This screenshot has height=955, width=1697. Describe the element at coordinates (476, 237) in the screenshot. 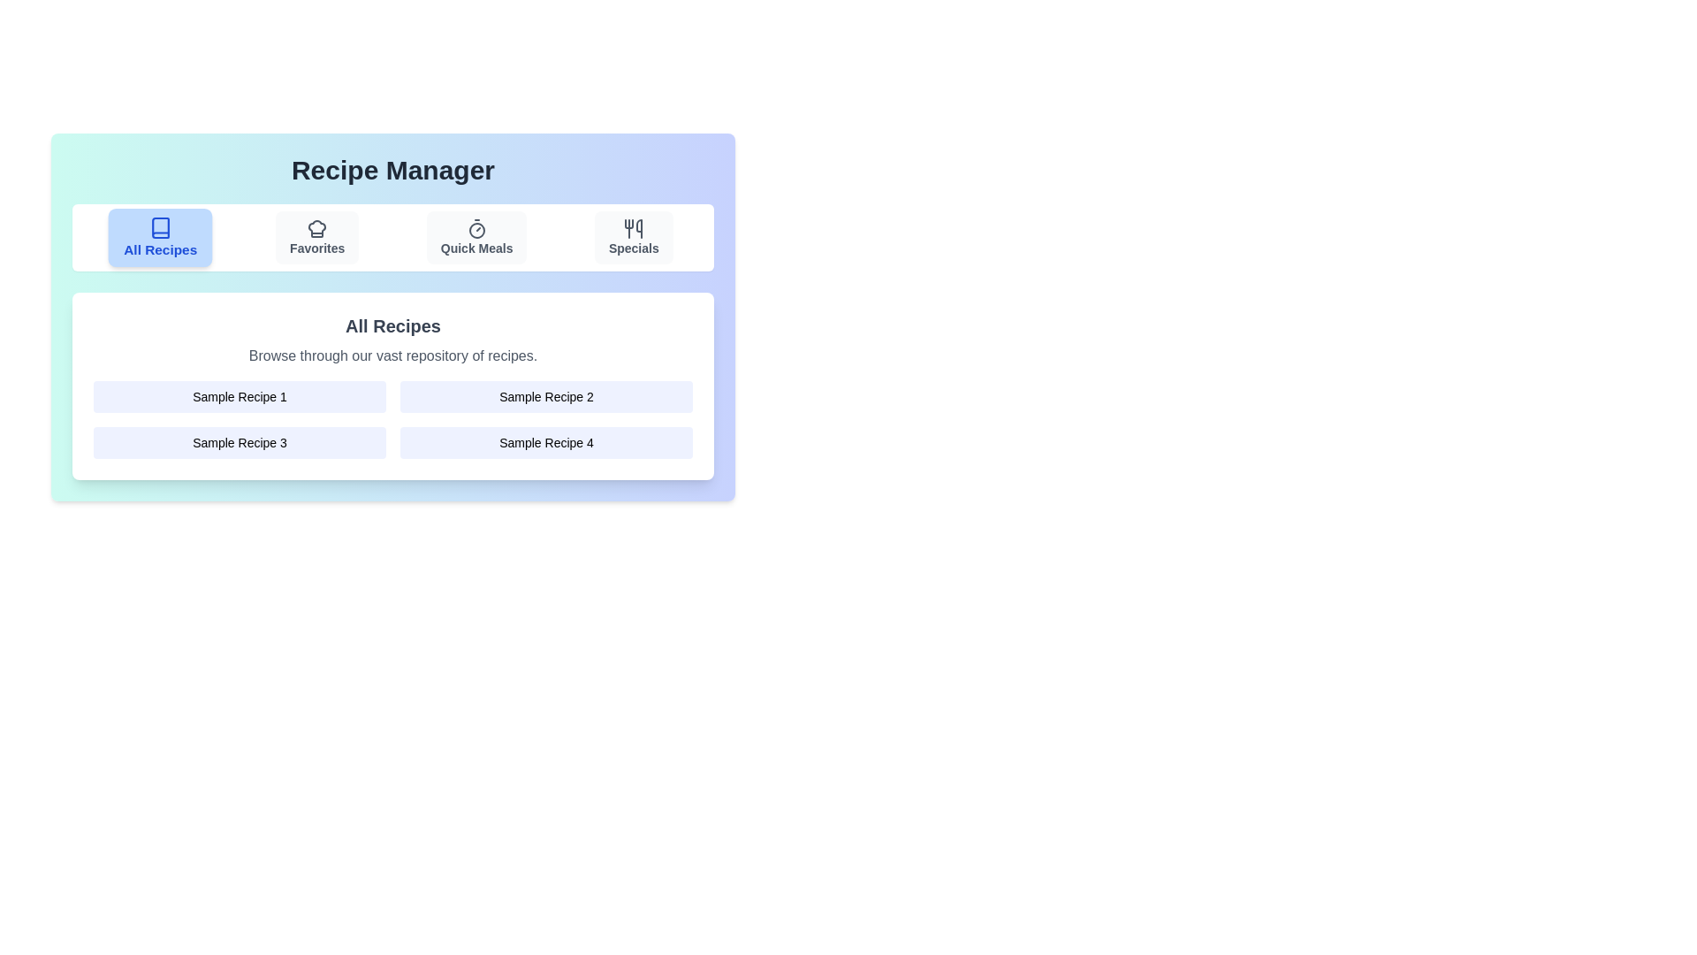

I see `the tab button labeled Quick Meals to see its interactive feedback` at that location.